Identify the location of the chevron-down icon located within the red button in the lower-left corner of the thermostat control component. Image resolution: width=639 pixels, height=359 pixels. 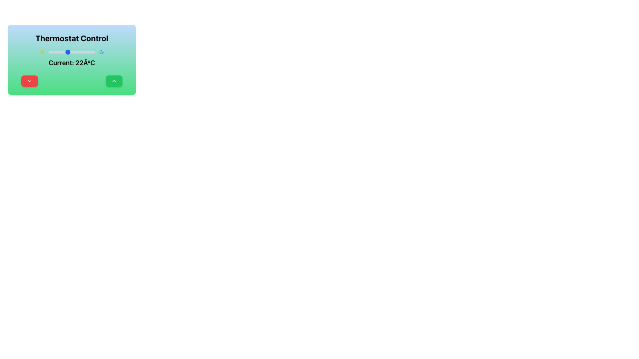
(29, 80).